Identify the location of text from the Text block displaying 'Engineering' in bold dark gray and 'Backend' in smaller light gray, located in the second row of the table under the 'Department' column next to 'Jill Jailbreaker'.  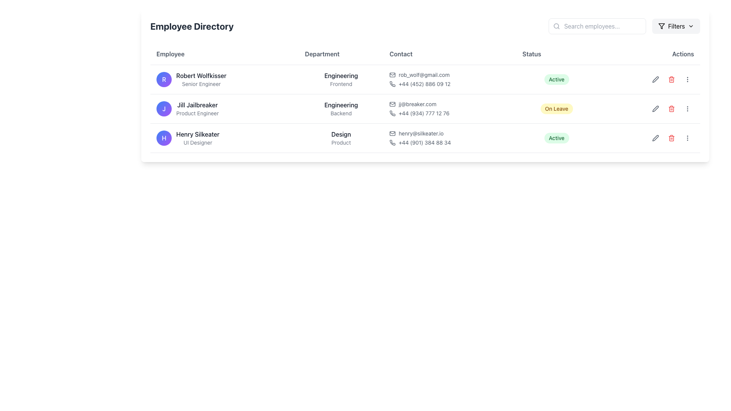
(341, 108).